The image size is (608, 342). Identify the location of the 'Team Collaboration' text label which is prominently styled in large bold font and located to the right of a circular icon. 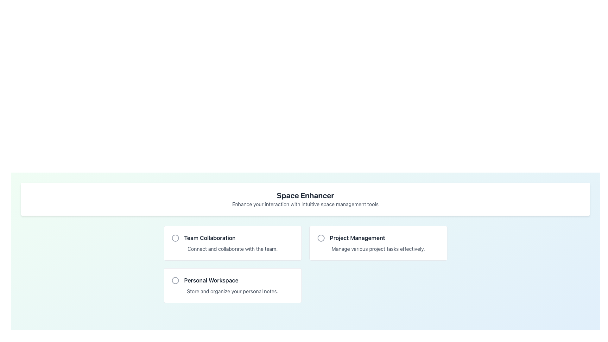
(210, 238).